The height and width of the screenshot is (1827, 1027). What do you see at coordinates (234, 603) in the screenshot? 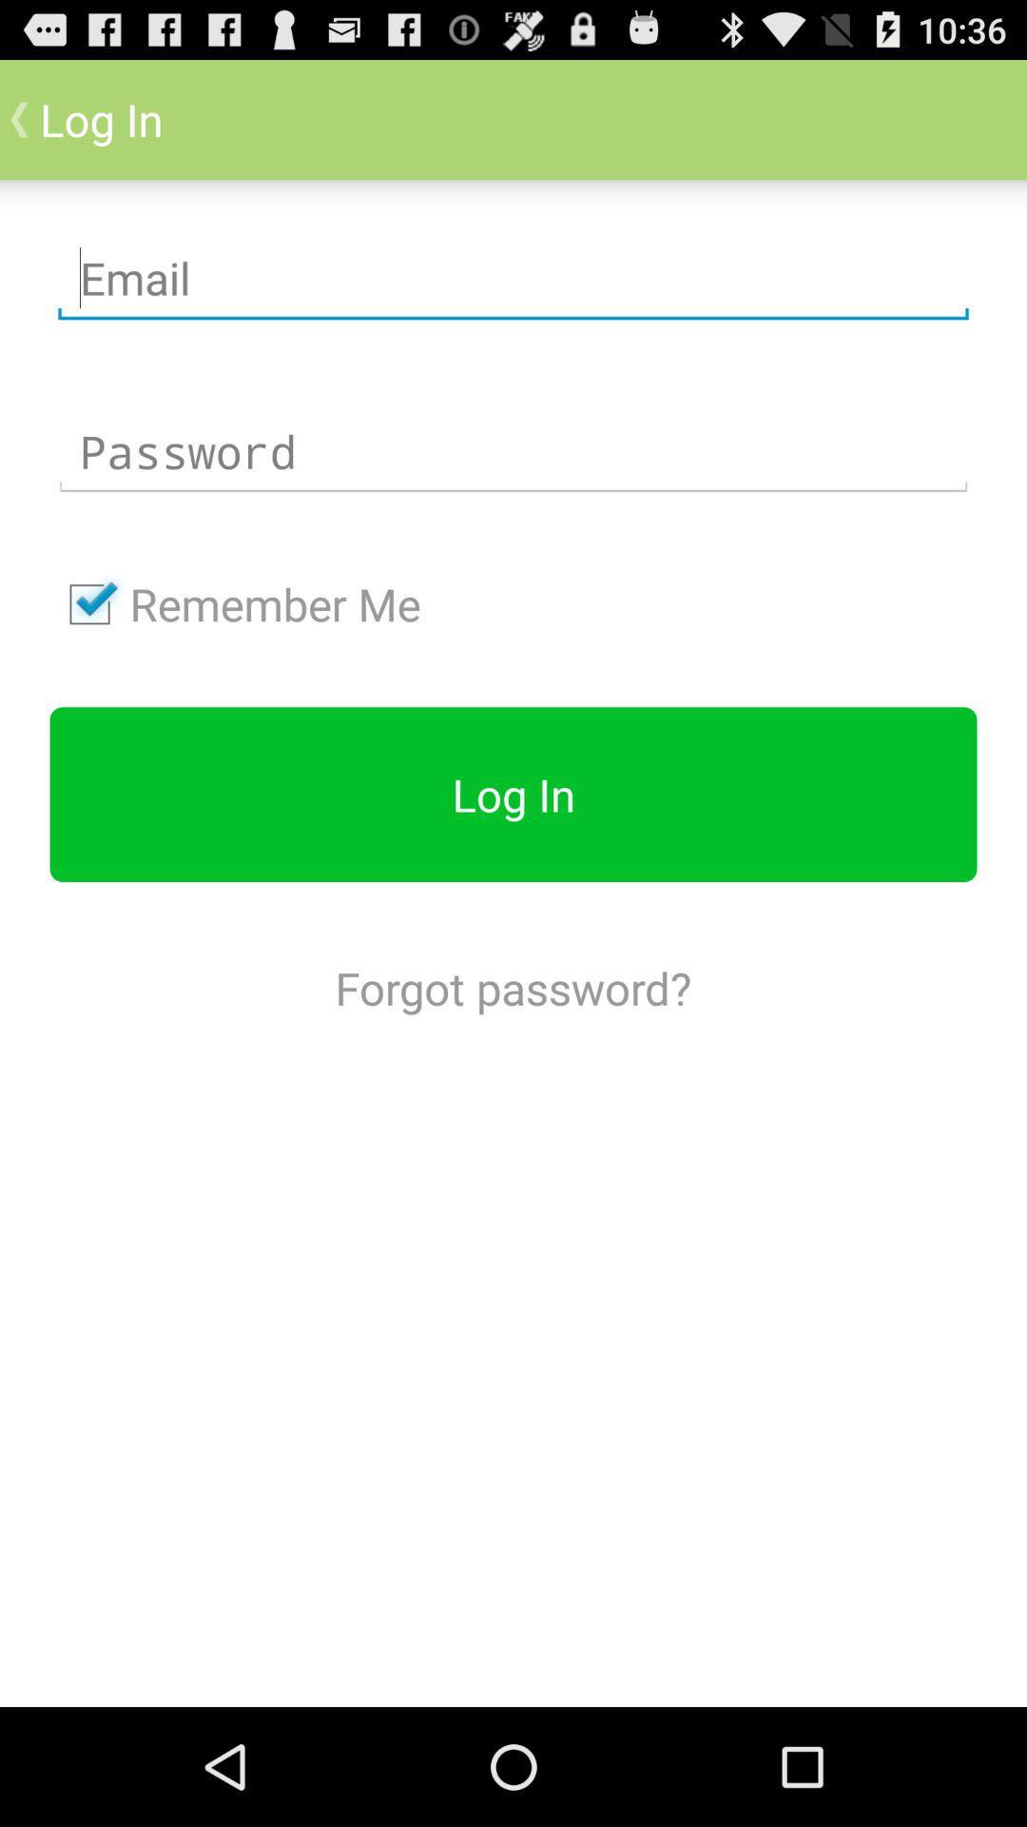
I see `remember me checkbox` at bounding box center [234, 603].